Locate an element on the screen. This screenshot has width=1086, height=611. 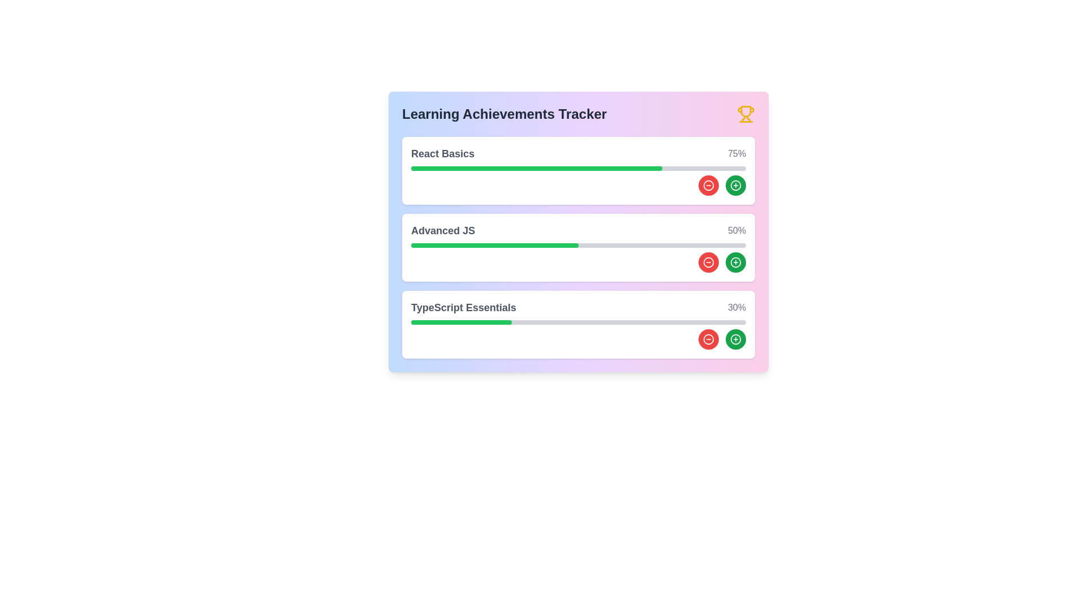
the circular SVG graphical element of the 'remove' icon located on the right-hand side of the 'React Basics' progress bar is located at coordinates (708, 184).